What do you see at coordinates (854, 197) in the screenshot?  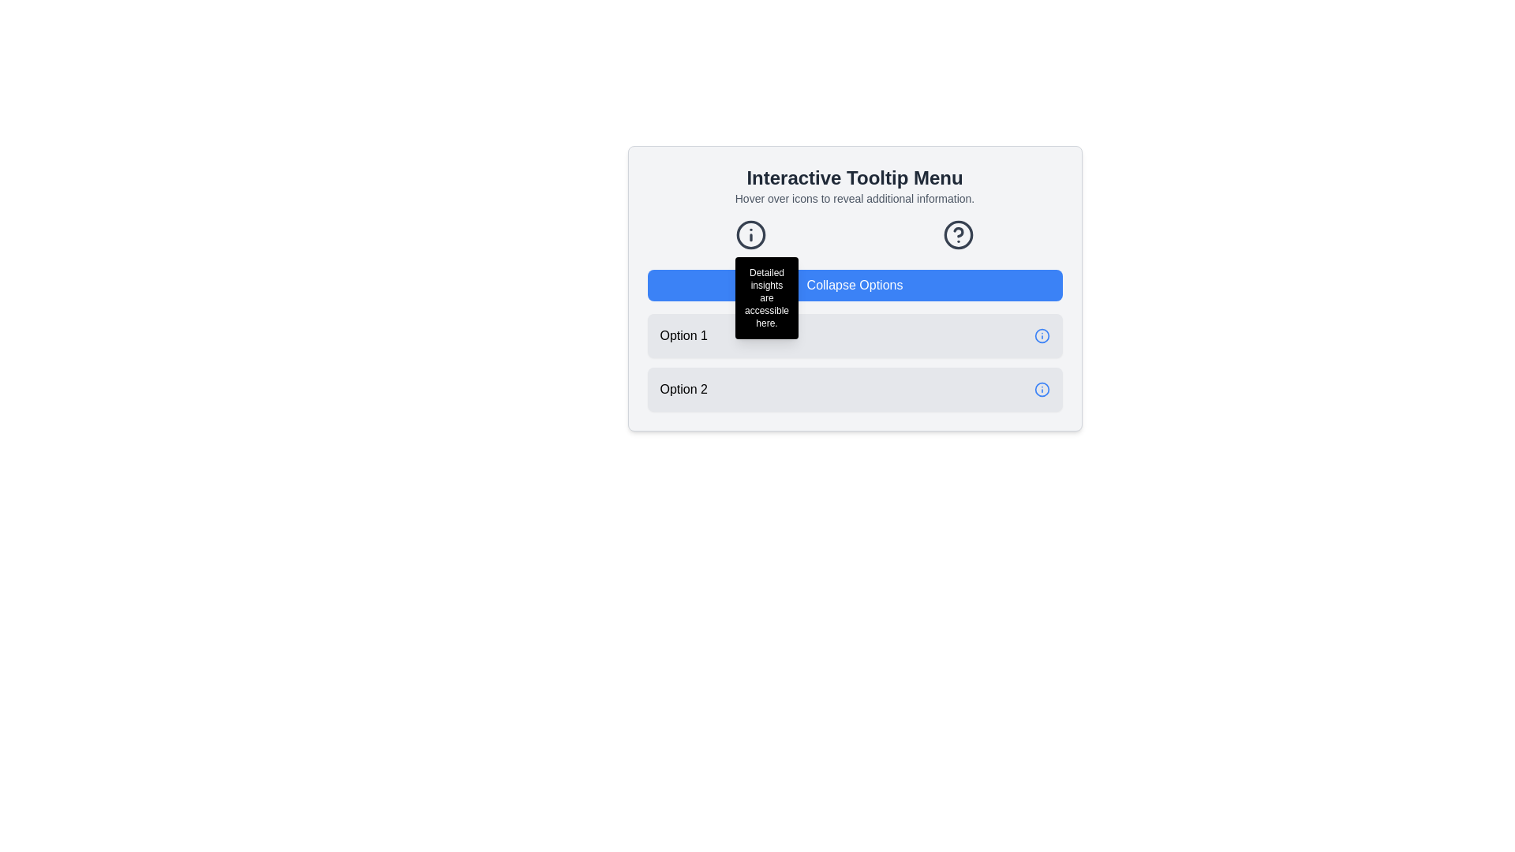 I see `text that states 'Hover over icons to reveal additional information.' which is styled with a smaller font size and gray color, located beneath the 'Interactive Tooltip Menu' heading` at bounding box center [854, 197].